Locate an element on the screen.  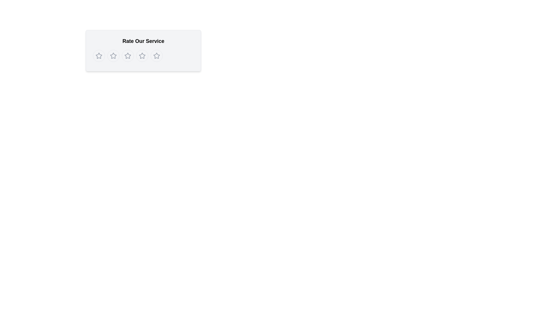
the third circular button featuring an outlined star icon is located at coordinates (127, 56).